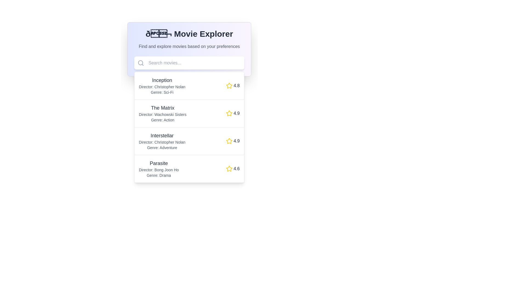 The image size is (526, 296). I want to click on the filled yellow star icon representing the rating for the movie 'The Matrix', positioned in the fourth column of the list, so click(229, 113).